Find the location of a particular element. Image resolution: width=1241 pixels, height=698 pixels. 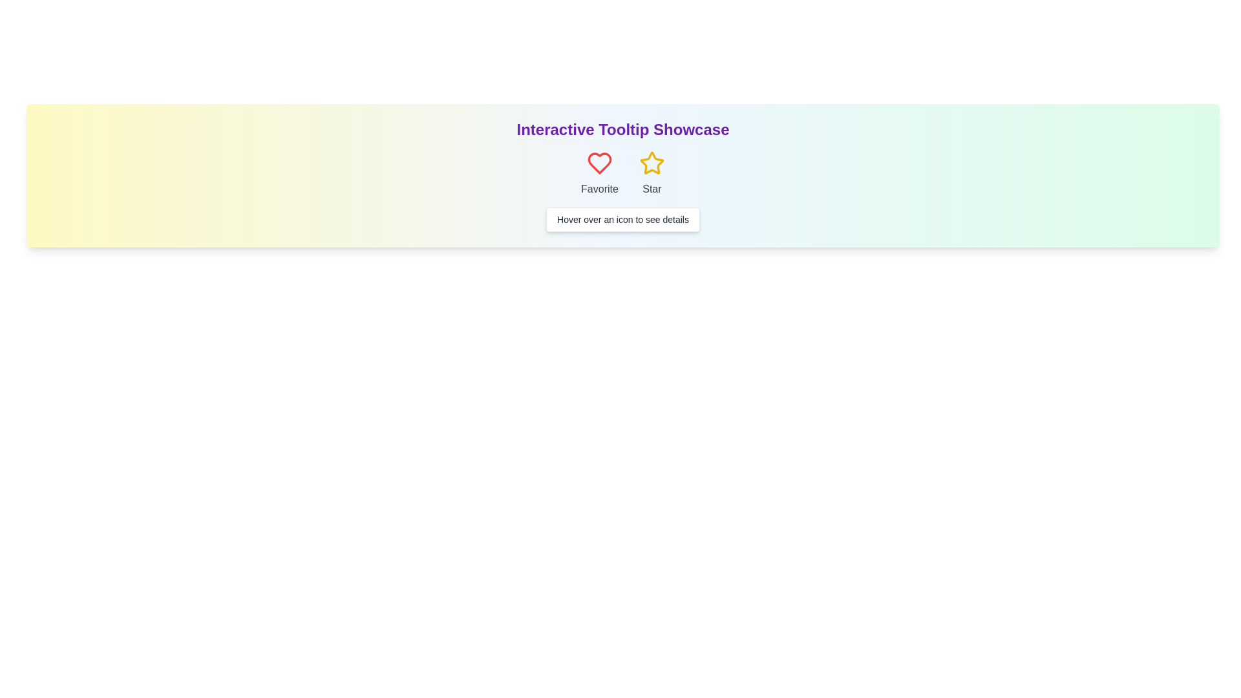

the leftmost 'Favorite' icon located beneath the title 'Interactive Tooltip Showcase' to mark an item as a favorite is located at coordinates (599, 163).